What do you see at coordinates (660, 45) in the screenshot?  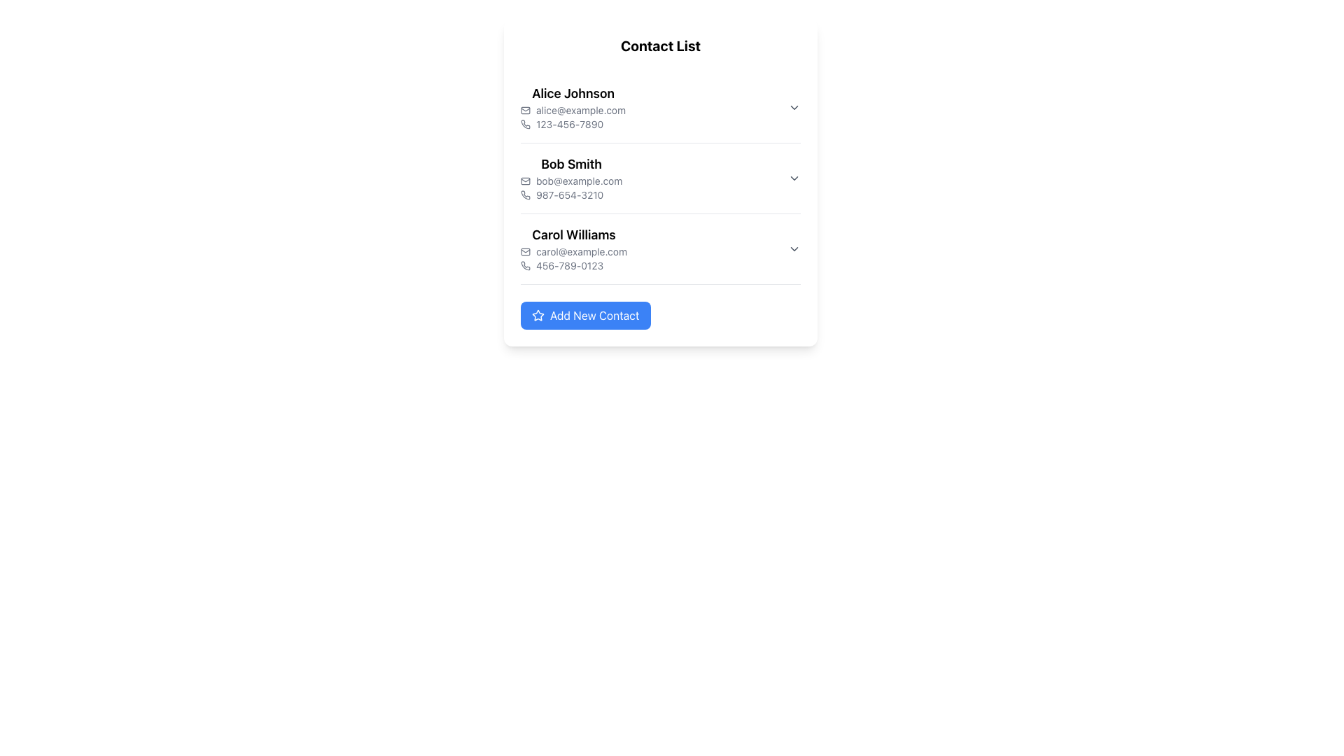 I see `the 'Contact List' title displayed in bold and enlarged font, located at the top of the white card section` at bounding box center [660, 45].